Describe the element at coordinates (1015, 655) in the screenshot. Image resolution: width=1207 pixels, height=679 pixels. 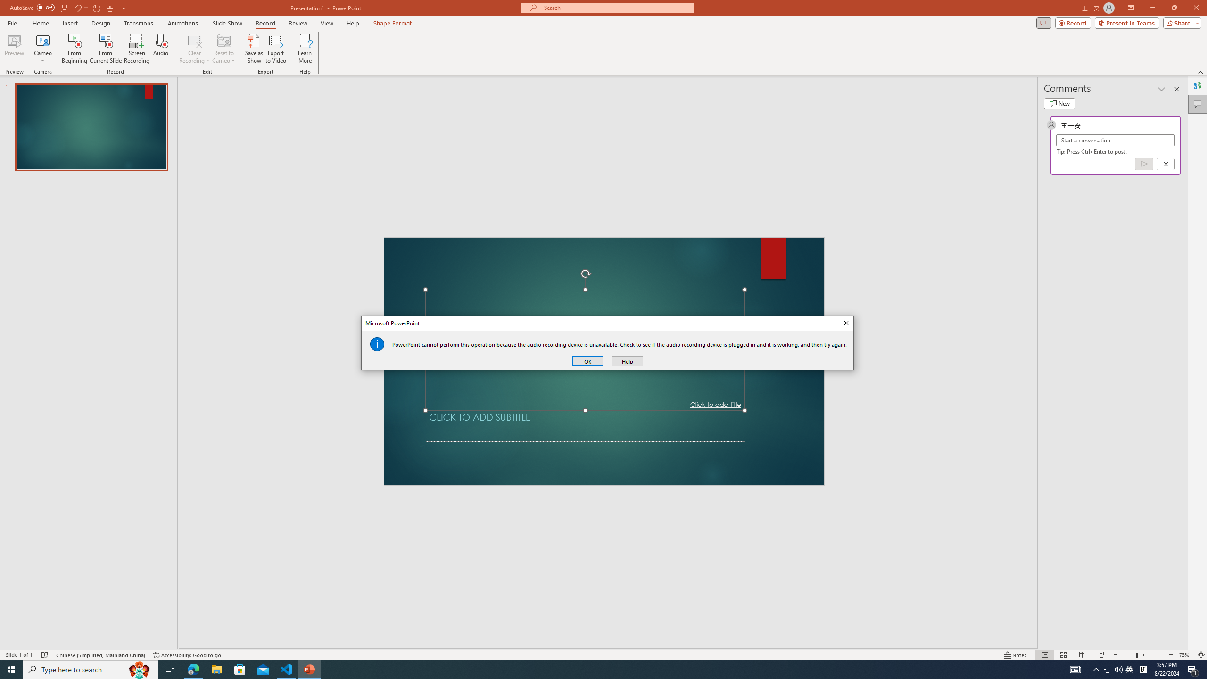
I see `'Notes '` at that location.